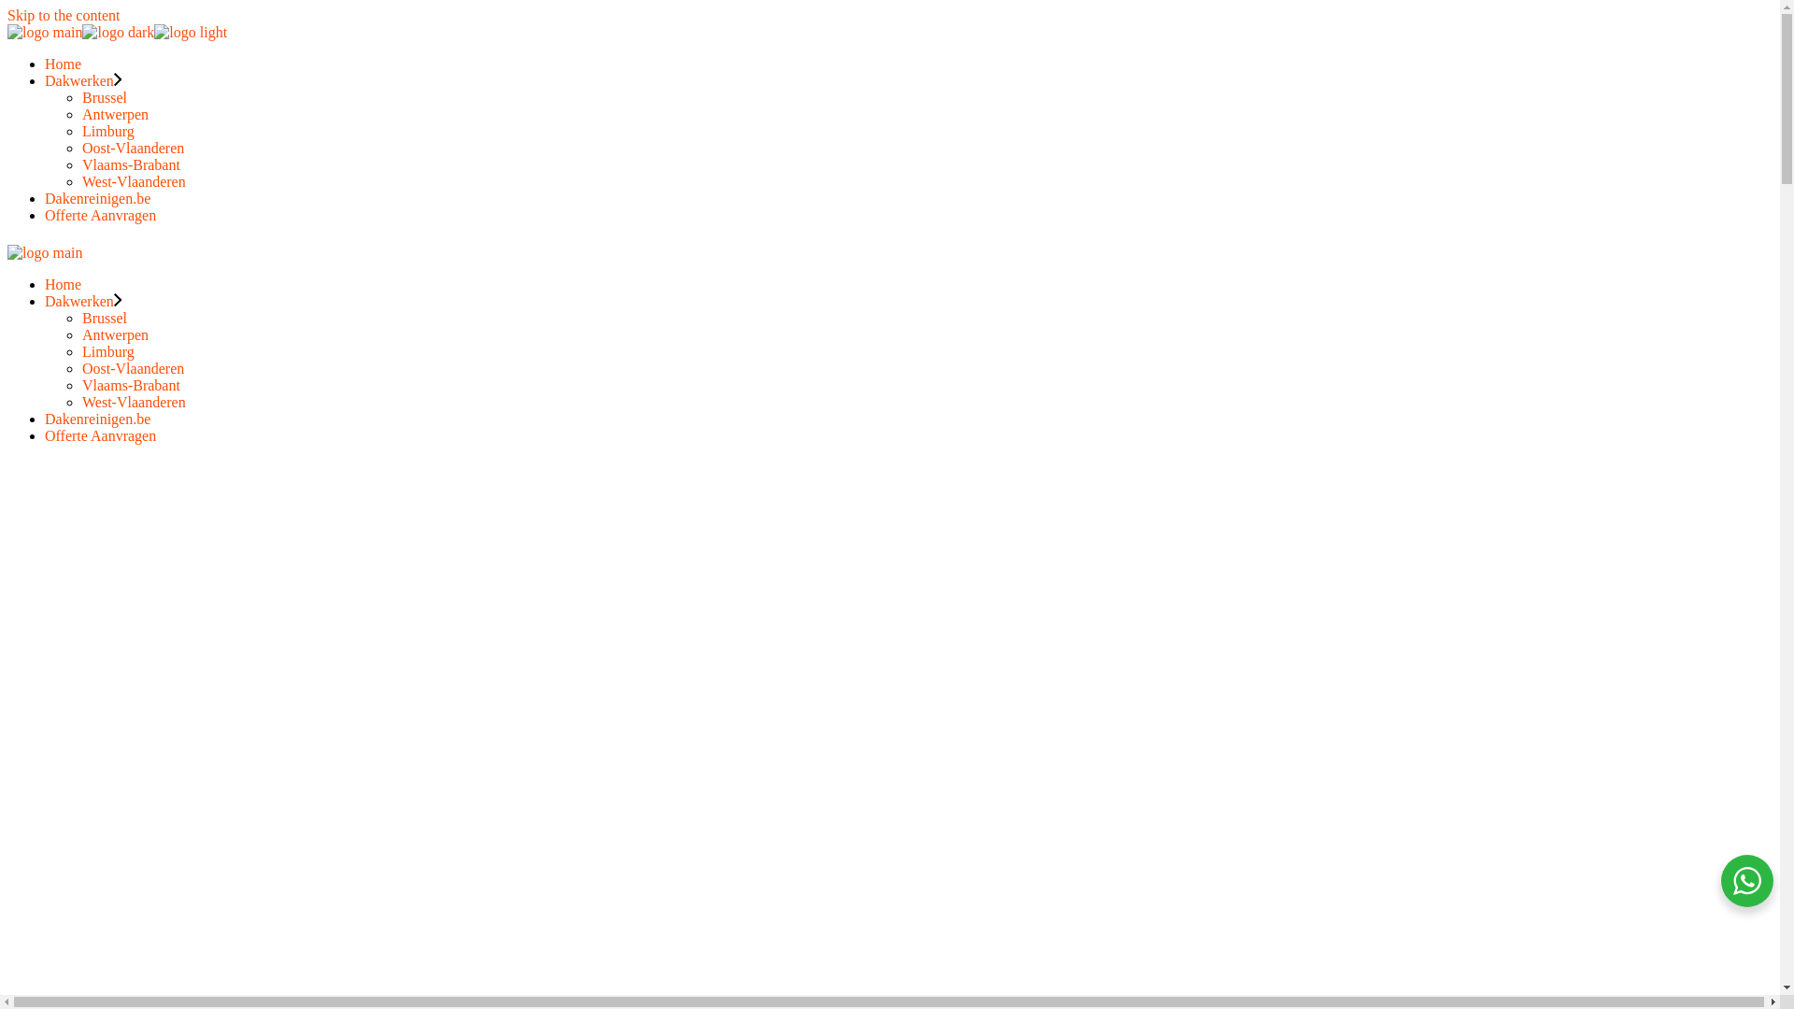 Image resolution: width=1794 pixels, height=1009 pixels. Describe the element at coordinates (80, 97) in the screenshot. I see `'Brussel'` at that location.